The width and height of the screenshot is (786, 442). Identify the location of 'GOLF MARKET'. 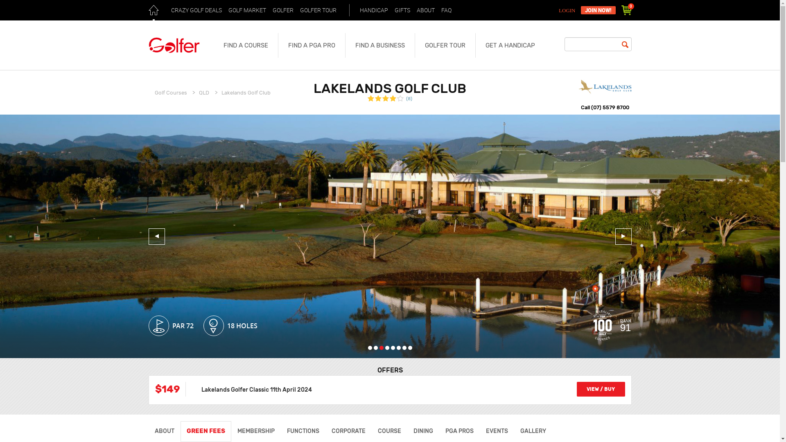
(226, 10).